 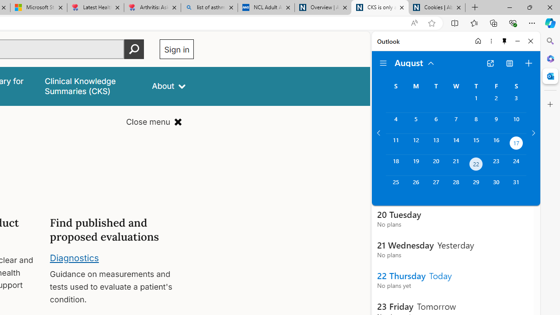 I want to click on 'Folder navigation', so click(x=383, y=63).